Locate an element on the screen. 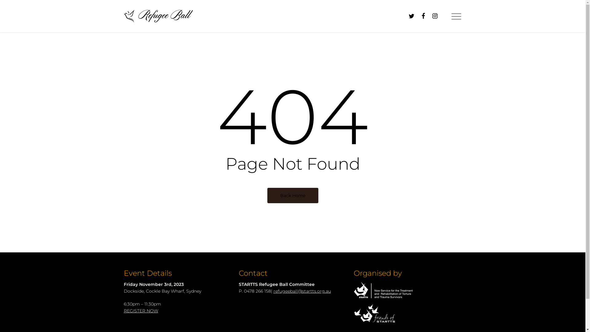  'Menu' is located at coordinates (456, 15).